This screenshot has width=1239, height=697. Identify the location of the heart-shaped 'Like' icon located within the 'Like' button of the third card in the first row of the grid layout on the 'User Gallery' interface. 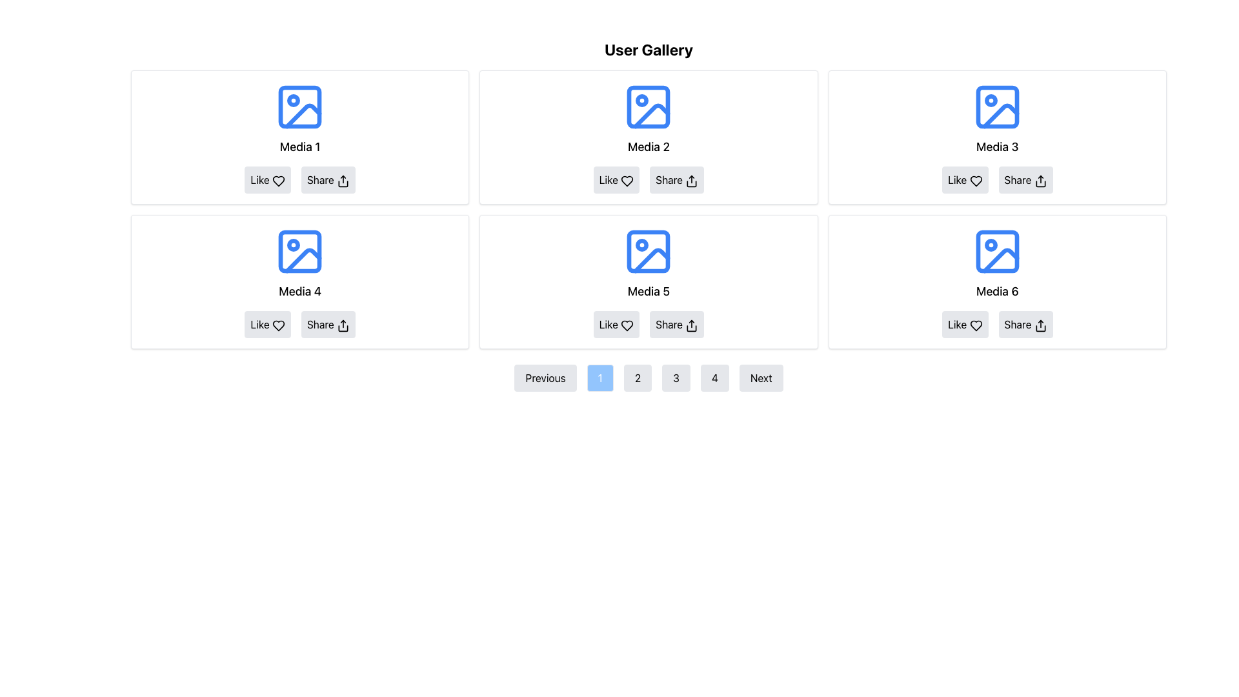
(976, 181).